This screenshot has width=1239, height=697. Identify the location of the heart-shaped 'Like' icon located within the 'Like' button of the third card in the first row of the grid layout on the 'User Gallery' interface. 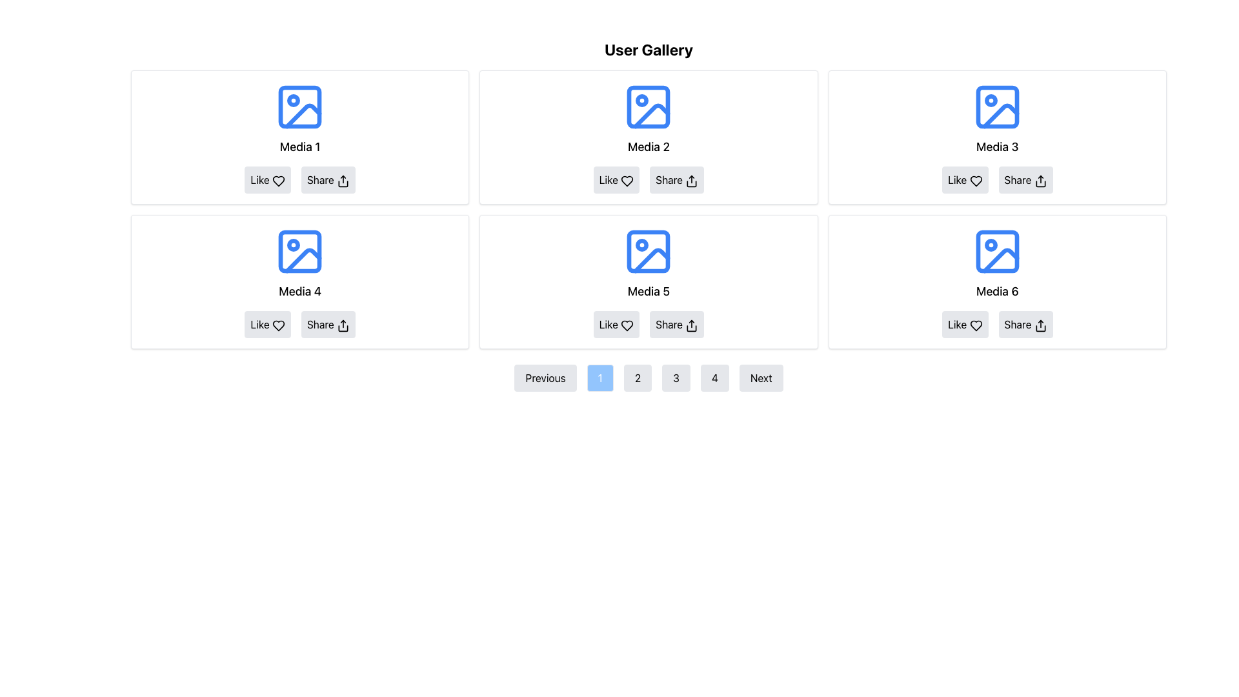
(976, 181).